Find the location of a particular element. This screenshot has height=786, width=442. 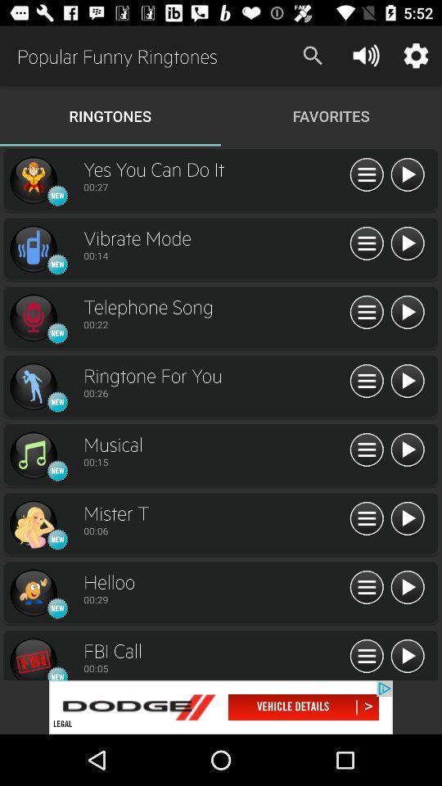

game icon is located at coordinates (33, 592).